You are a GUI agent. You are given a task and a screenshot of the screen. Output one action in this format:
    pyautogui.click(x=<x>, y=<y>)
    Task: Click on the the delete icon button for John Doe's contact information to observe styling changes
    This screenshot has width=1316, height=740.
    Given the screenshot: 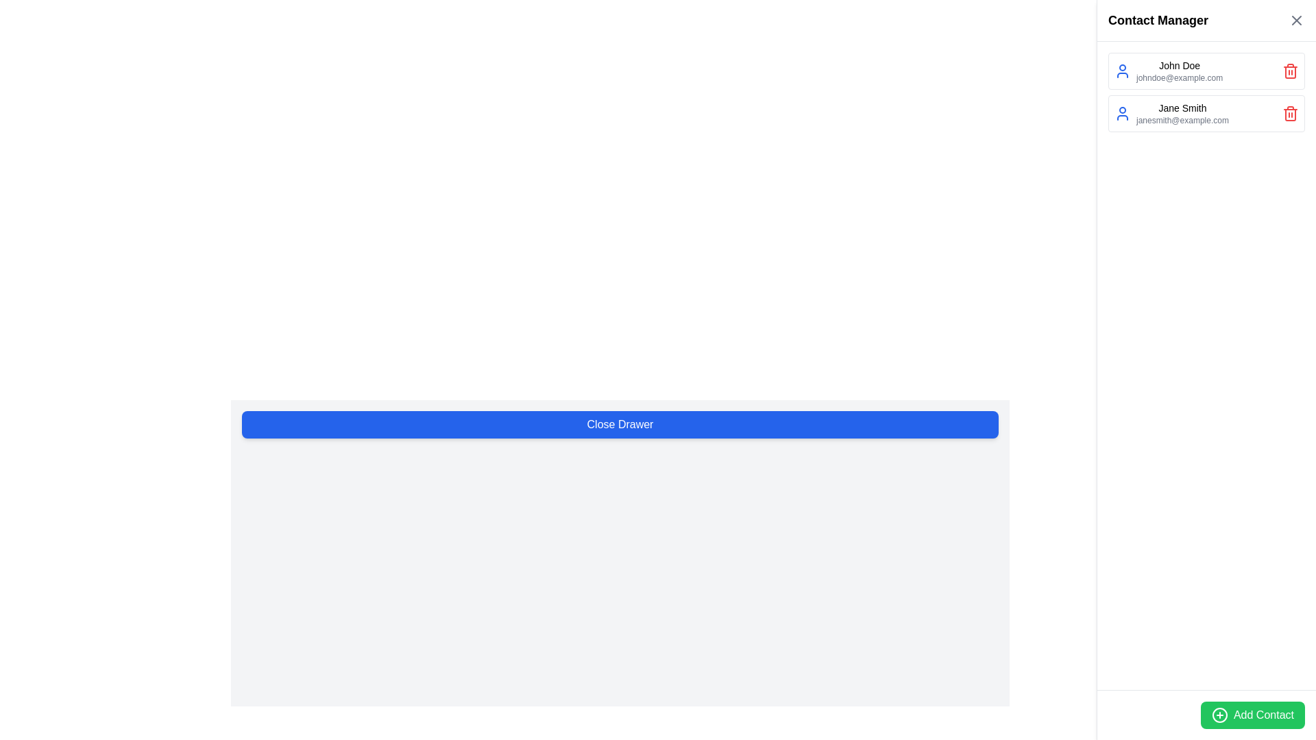 What is the action you would take?
    pyautogui.click(x=1289, y=71)
    